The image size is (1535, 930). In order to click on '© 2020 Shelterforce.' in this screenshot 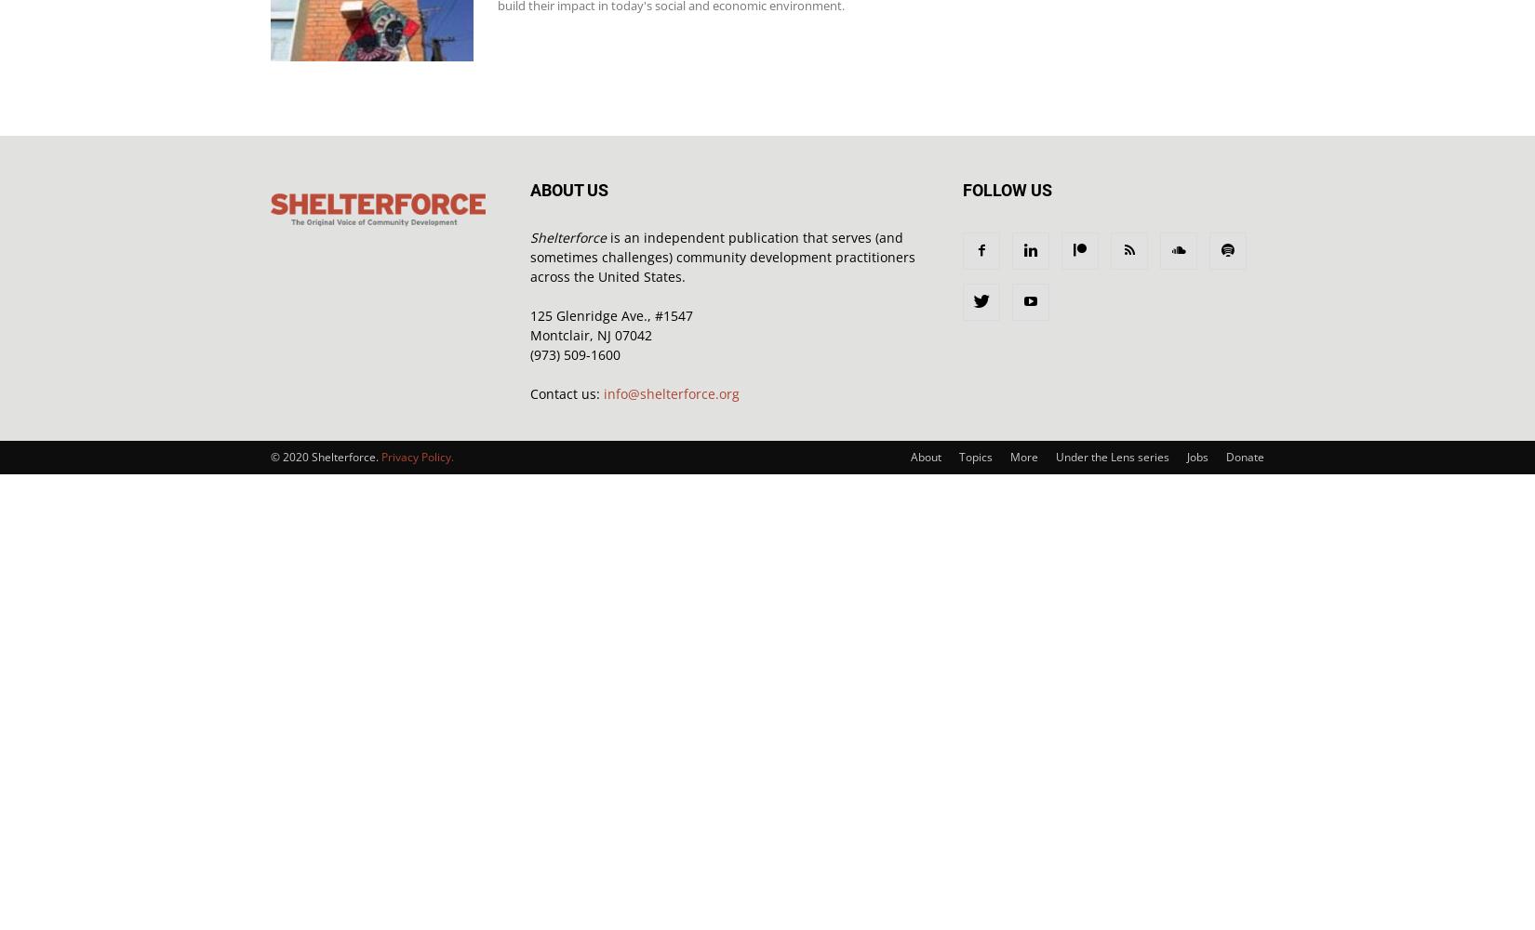, I will do `click(326, 456)`.